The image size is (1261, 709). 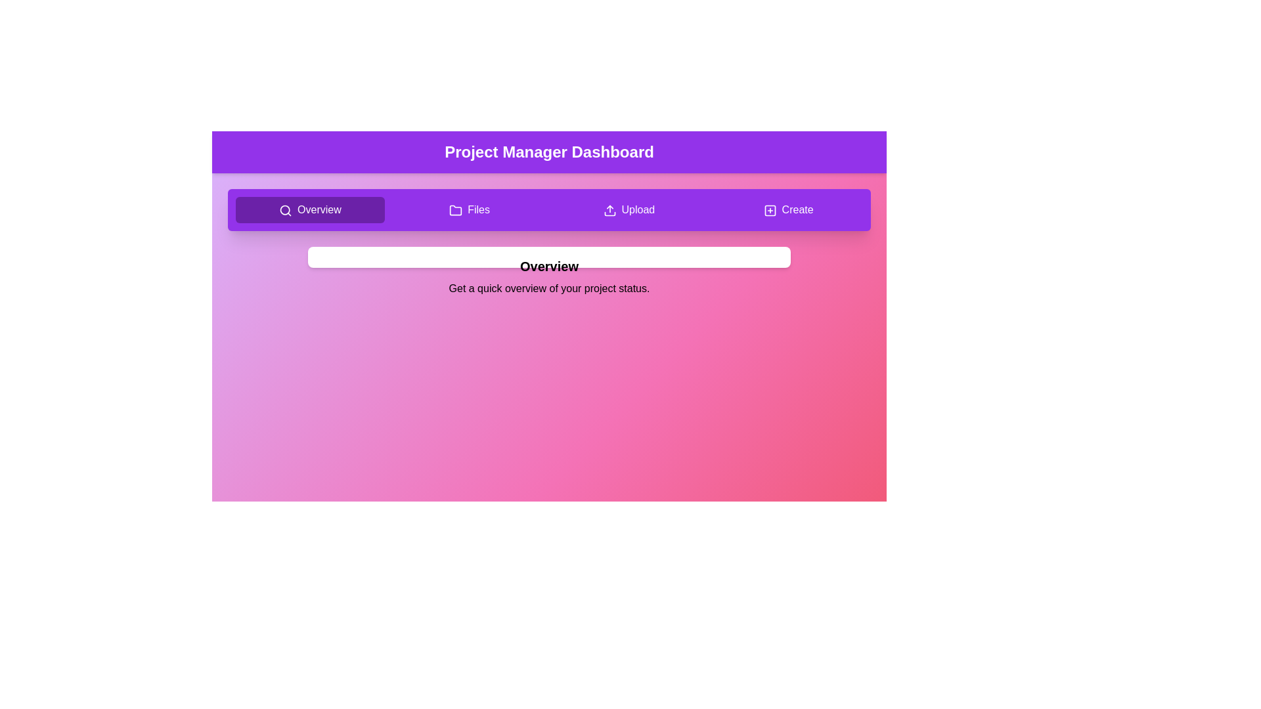 What do you see at coordinates (470, 209) in the screenshot?
I see `the navigation button labeled Files` at bounding box center [470, 209].